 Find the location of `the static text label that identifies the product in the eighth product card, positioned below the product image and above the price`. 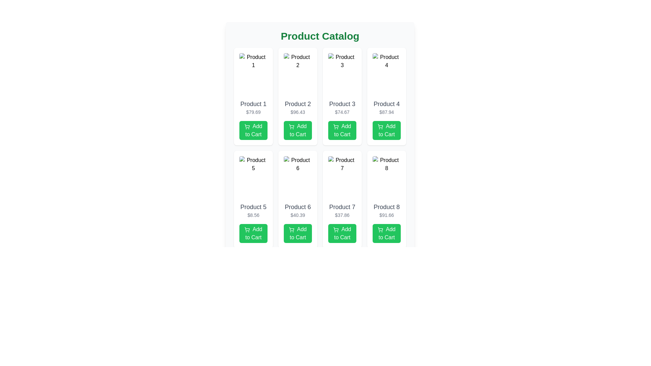

the static text label that identifies the product in the eighth product card, positioned below the product image and above the price is located at coordinates (387, 206).